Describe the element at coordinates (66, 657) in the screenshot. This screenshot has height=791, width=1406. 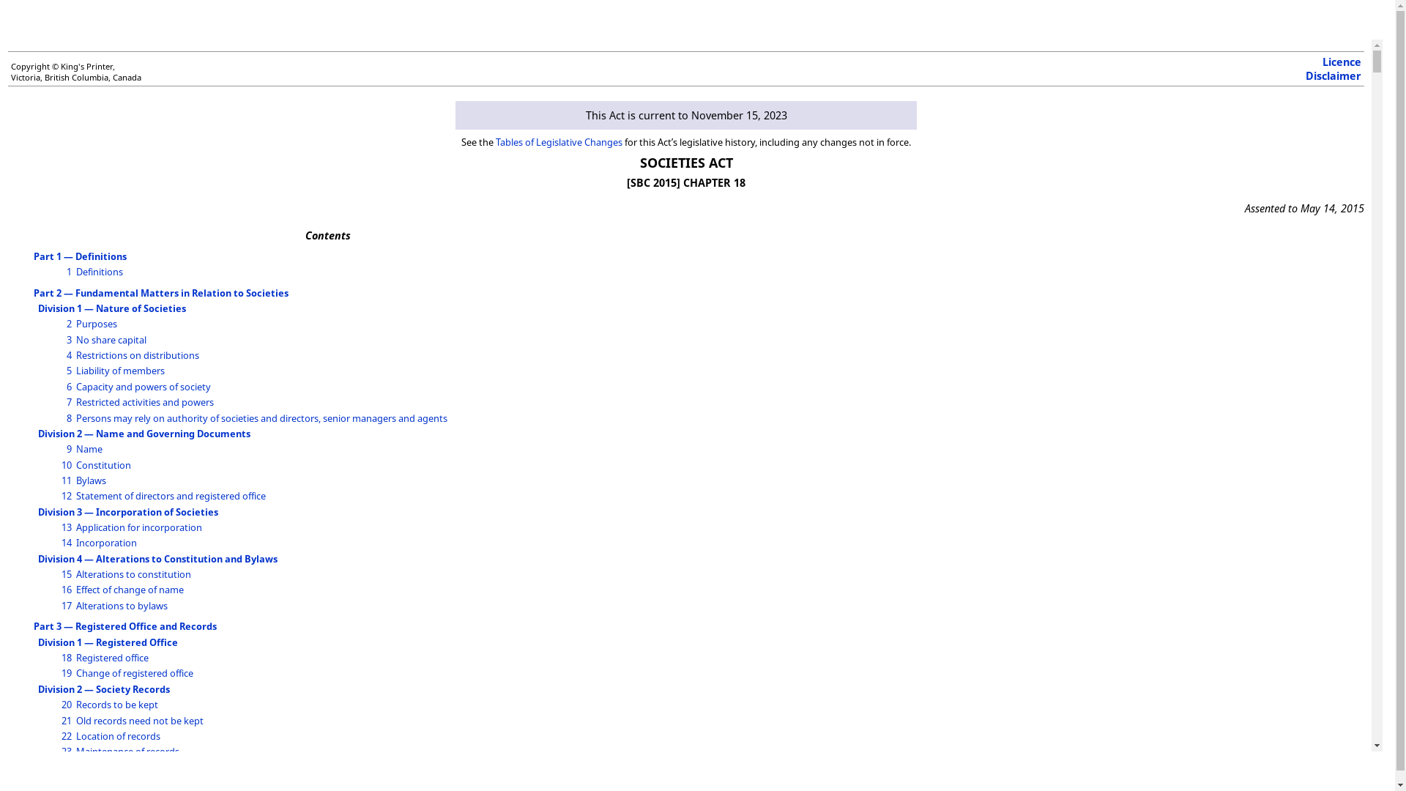
I see `'18'` at that location.